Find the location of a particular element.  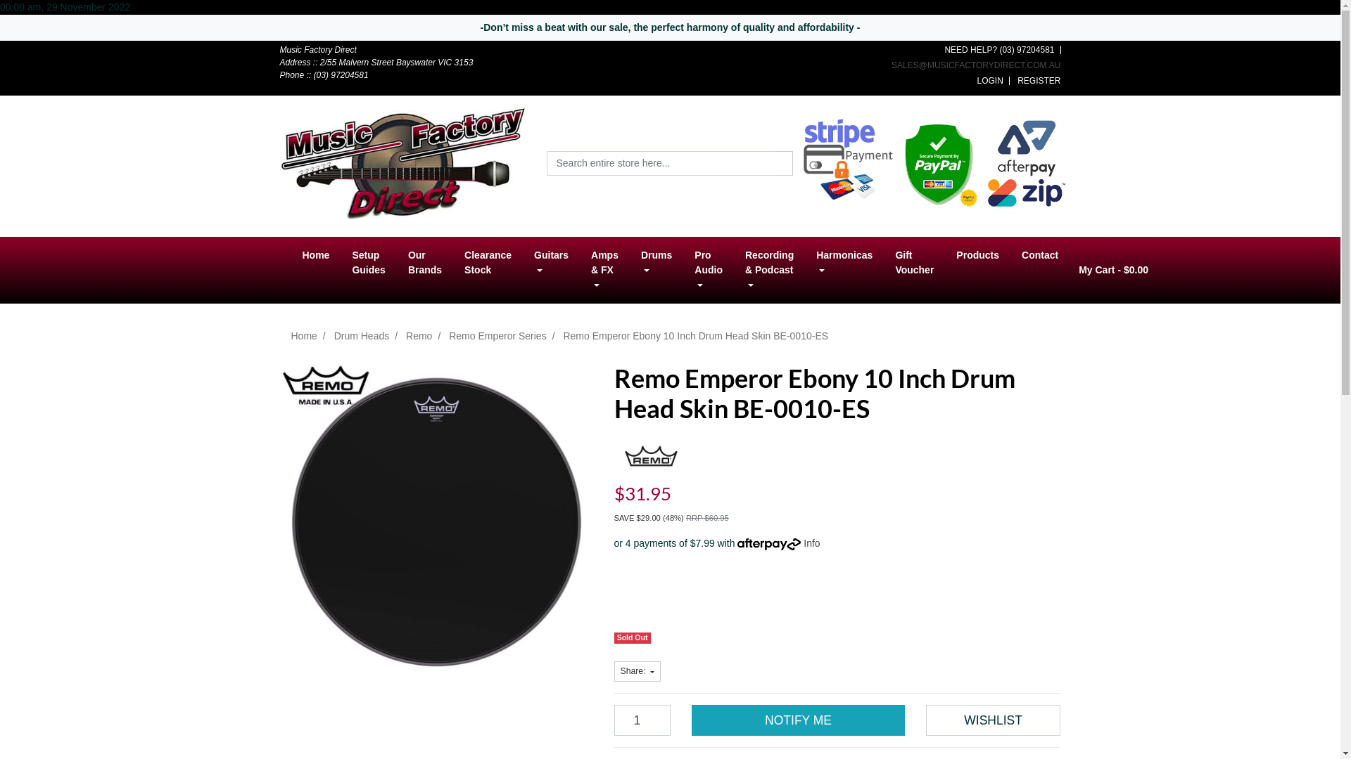

'Setup Guides' is located at coordinates (368, 263).